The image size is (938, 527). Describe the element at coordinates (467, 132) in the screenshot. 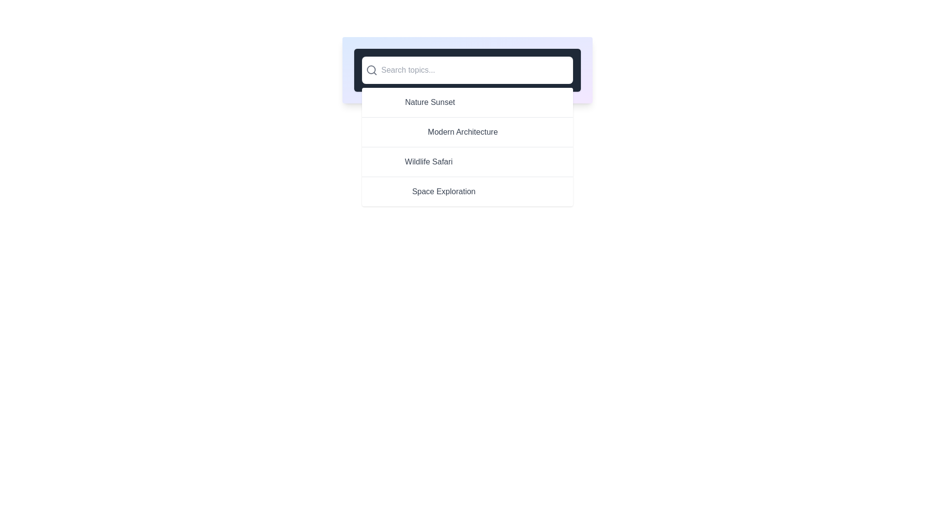

I see `to select the 'Modern Architecture' list item in the dropdown, which is the second item below 'Nature Sunset'` at that location.